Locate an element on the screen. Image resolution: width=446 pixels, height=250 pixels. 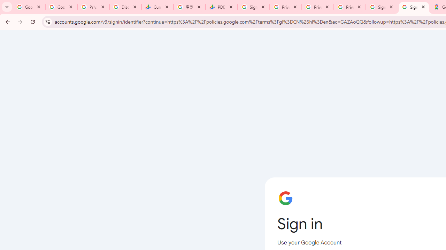
'Google Workspace Admin Community' is located at coordinates (29, 7).